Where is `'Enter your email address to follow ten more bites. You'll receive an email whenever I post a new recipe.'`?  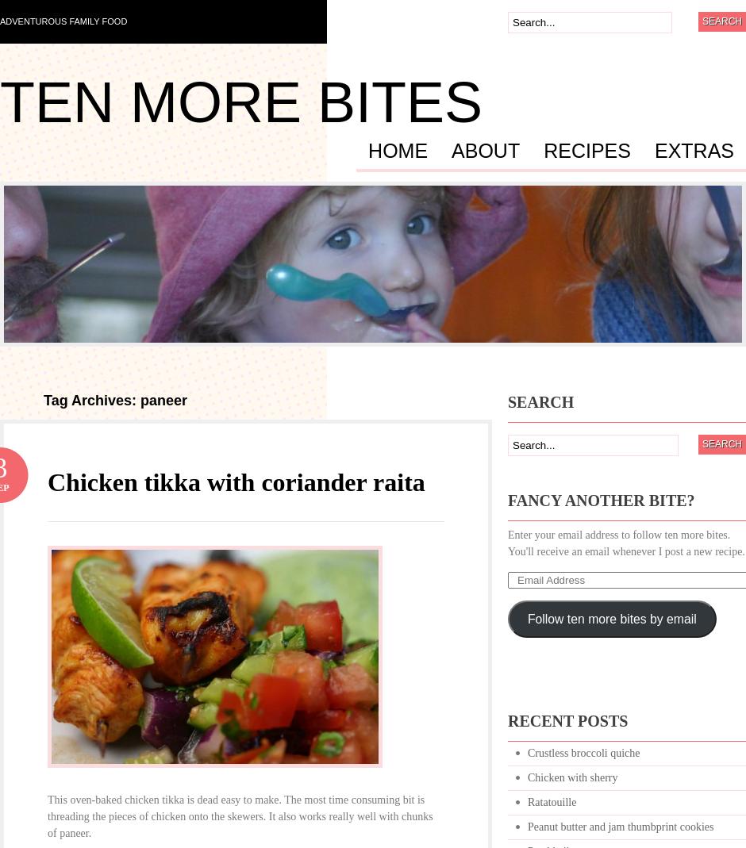
'Enter your email address to follow ten more bites. You'll receive an email whenever I post a new recipe.' is located at coordinates (626, 543).